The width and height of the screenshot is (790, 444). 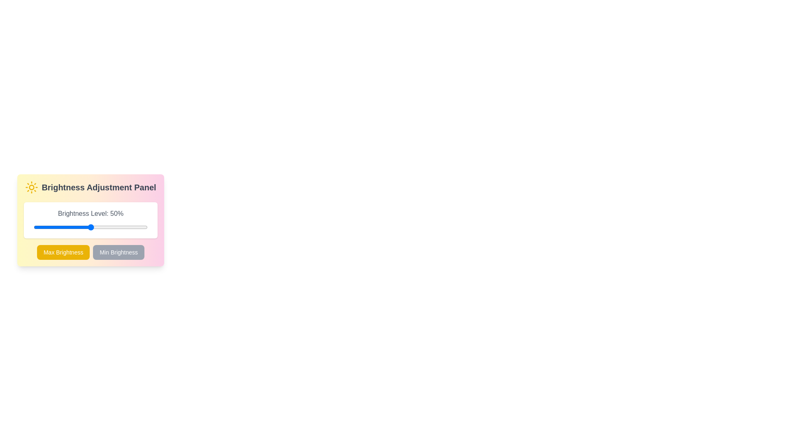 What do you see at coordinates (76, 227) in the screenshot?
I see `the brightness by dragging the slider to 37%` at bounding box center [76, 227].